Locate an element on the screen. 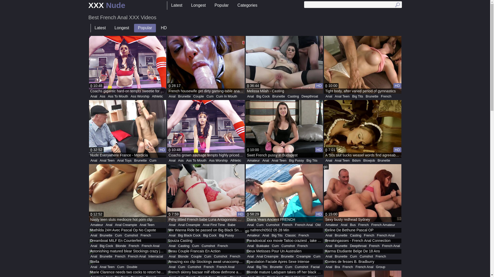 The width and height of the screenshot is (494, 277). 'Karma Etudiante Belge De 18 Ans is located at coordinates (362, 251).